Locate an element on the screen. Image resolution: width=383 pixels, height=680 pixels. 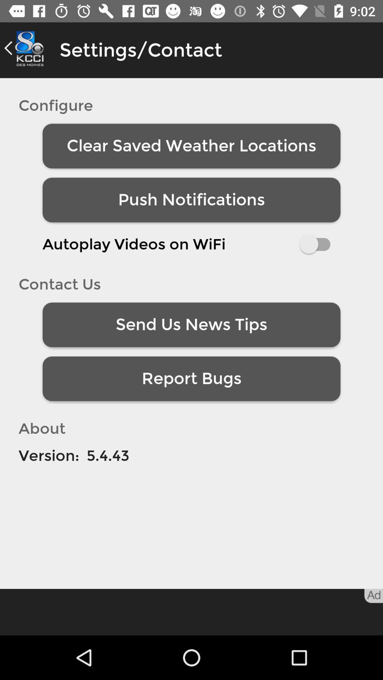
the report bugs icon is located at coordinates (191, 378).